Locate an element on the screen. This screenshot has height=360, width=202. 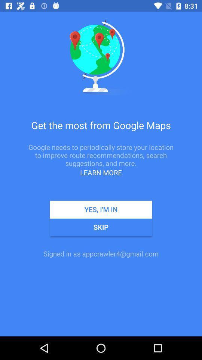
button above skip icon is located at coordinates (101, 210).